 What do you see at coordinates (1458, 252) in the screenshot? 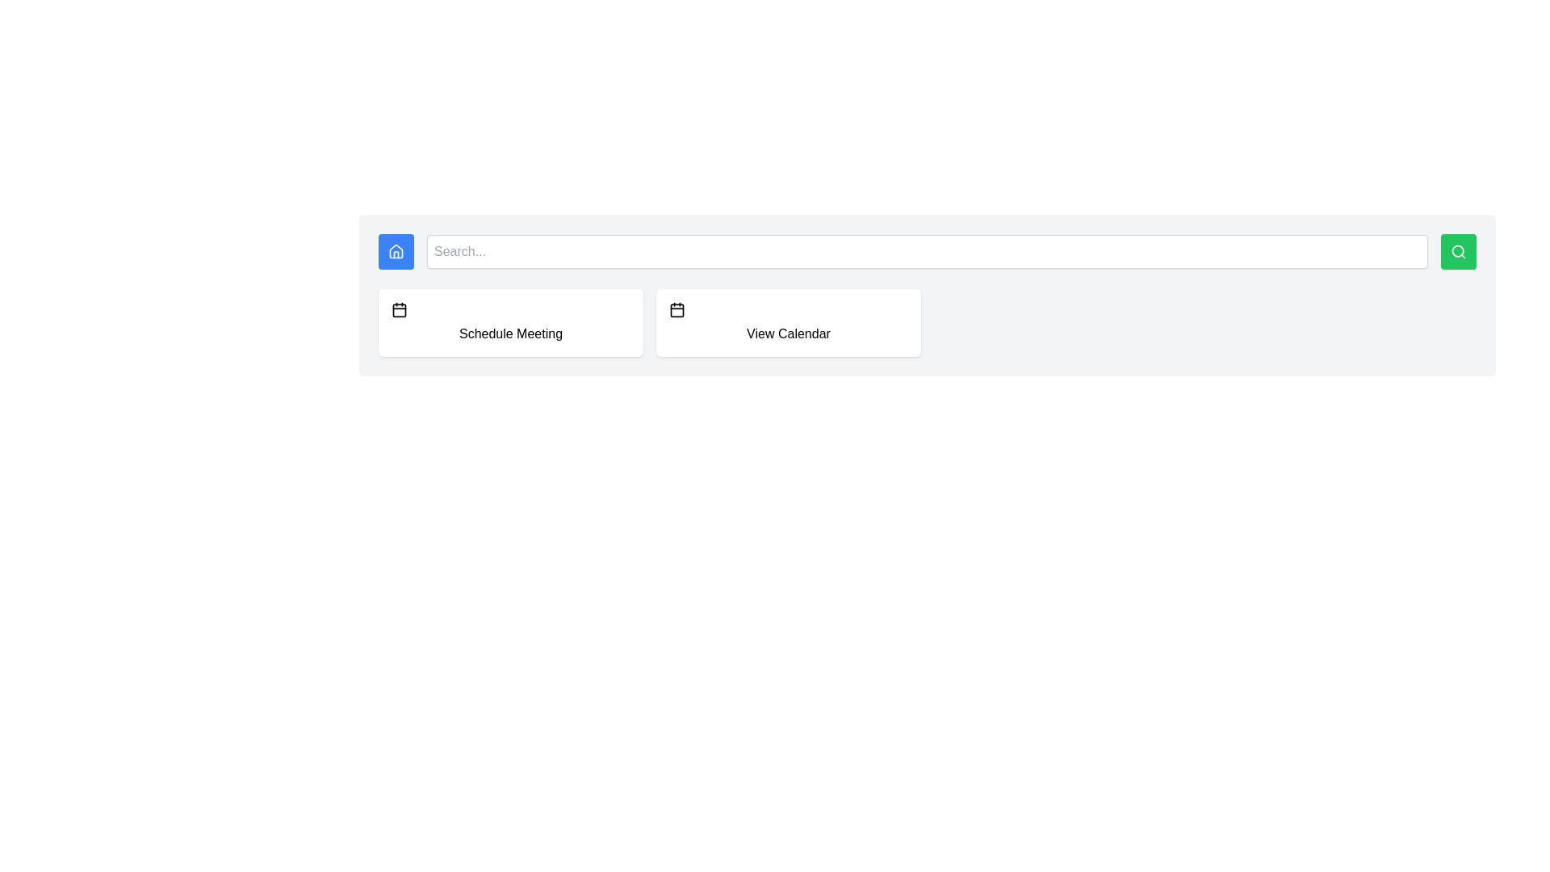
I see `the green button with a white search icon located at the far right of the control group` at bounding box center [1458, 252].